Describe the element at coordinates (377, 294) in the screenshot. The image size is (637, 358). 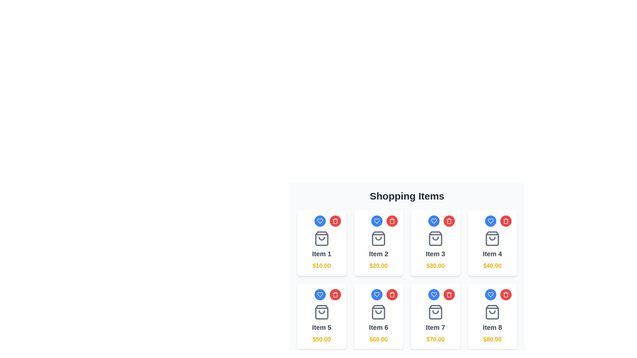
I see `the favorite button for 'Item 6', located` at that location.